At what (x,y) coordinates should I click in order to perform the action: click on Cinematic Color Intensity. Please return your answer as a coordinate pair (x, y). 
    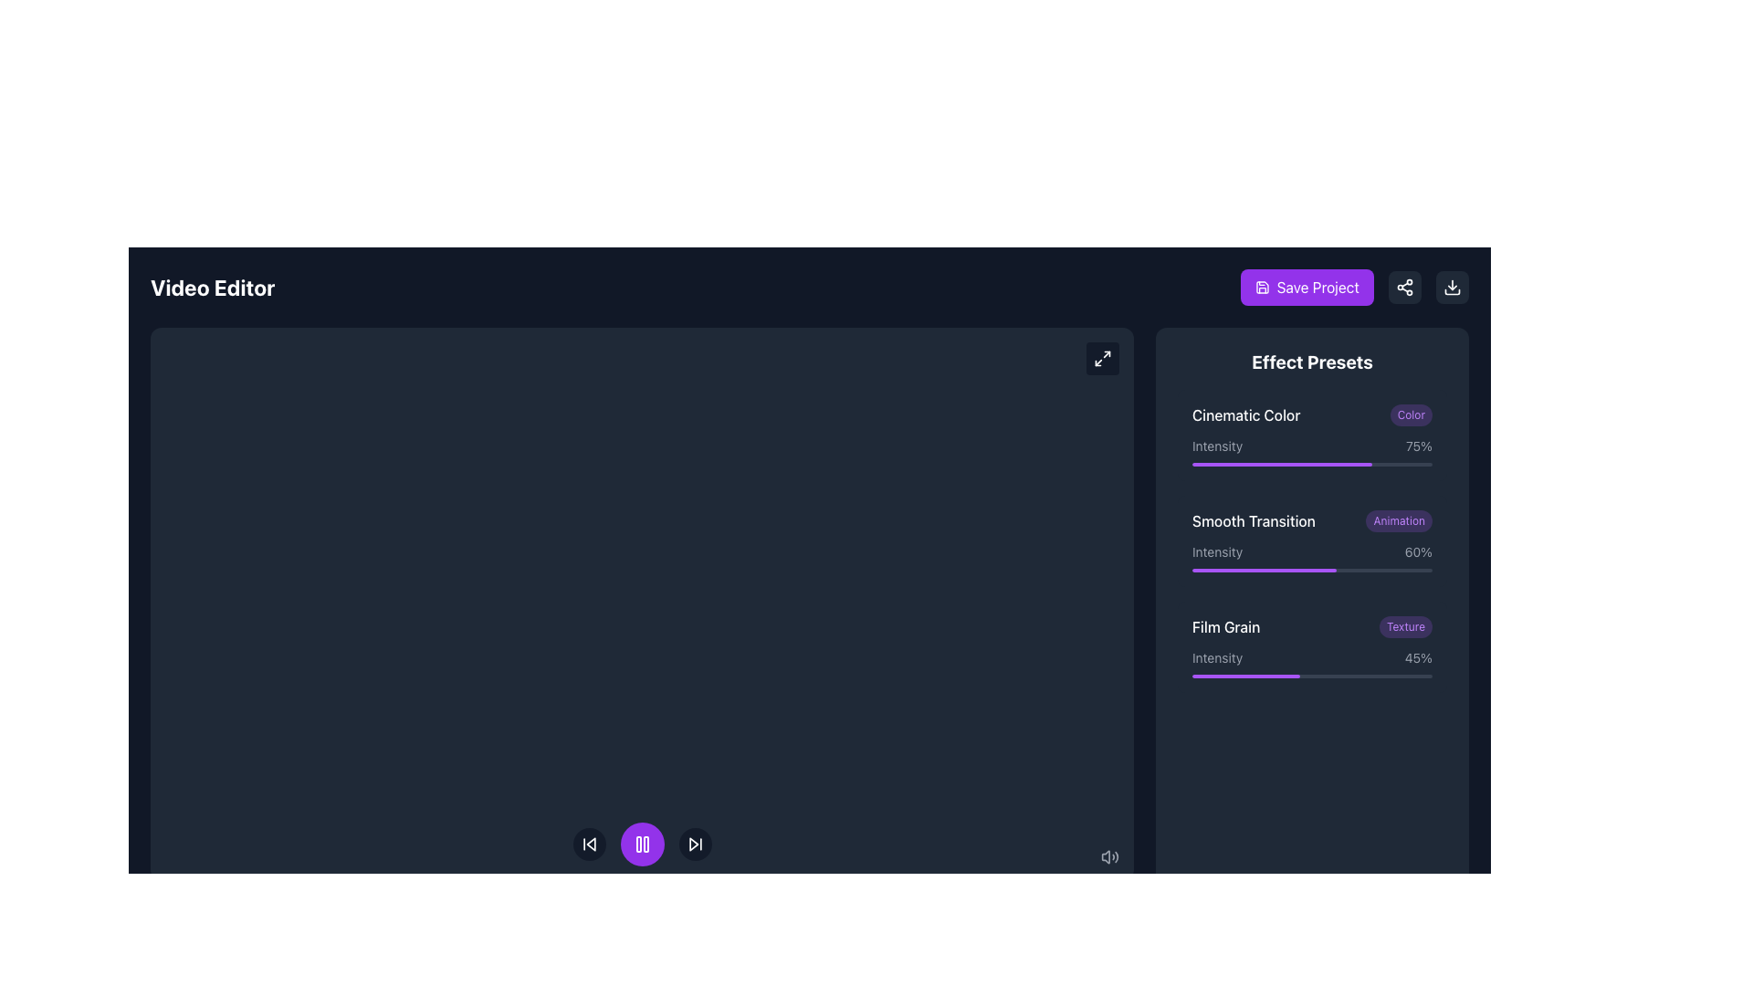
    Looking at the image, I should click on (1308, 464).